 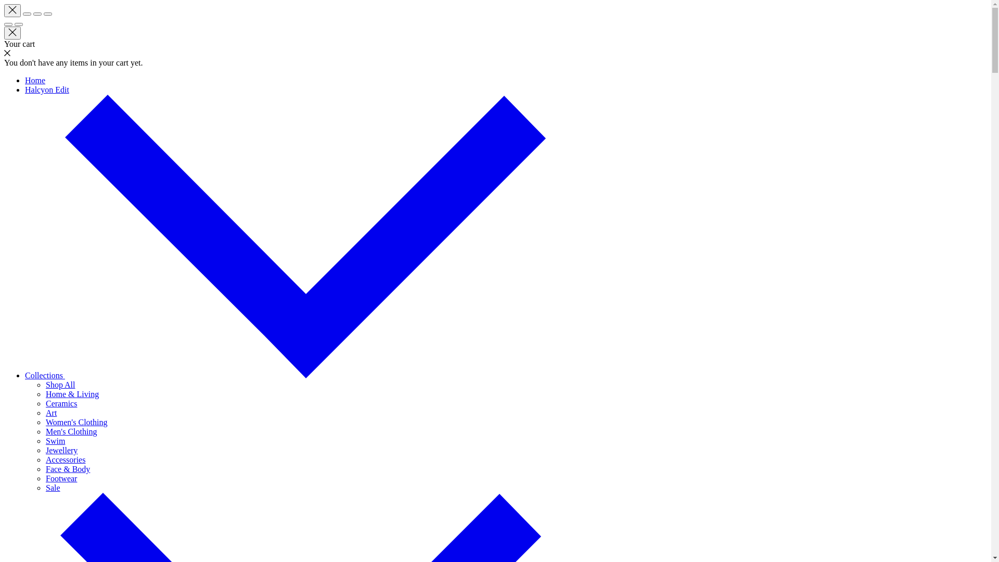 What do you see at coordinates (45, 478) in the screenshot?
I see `'Footwear'` at bounding box center [45, 478].